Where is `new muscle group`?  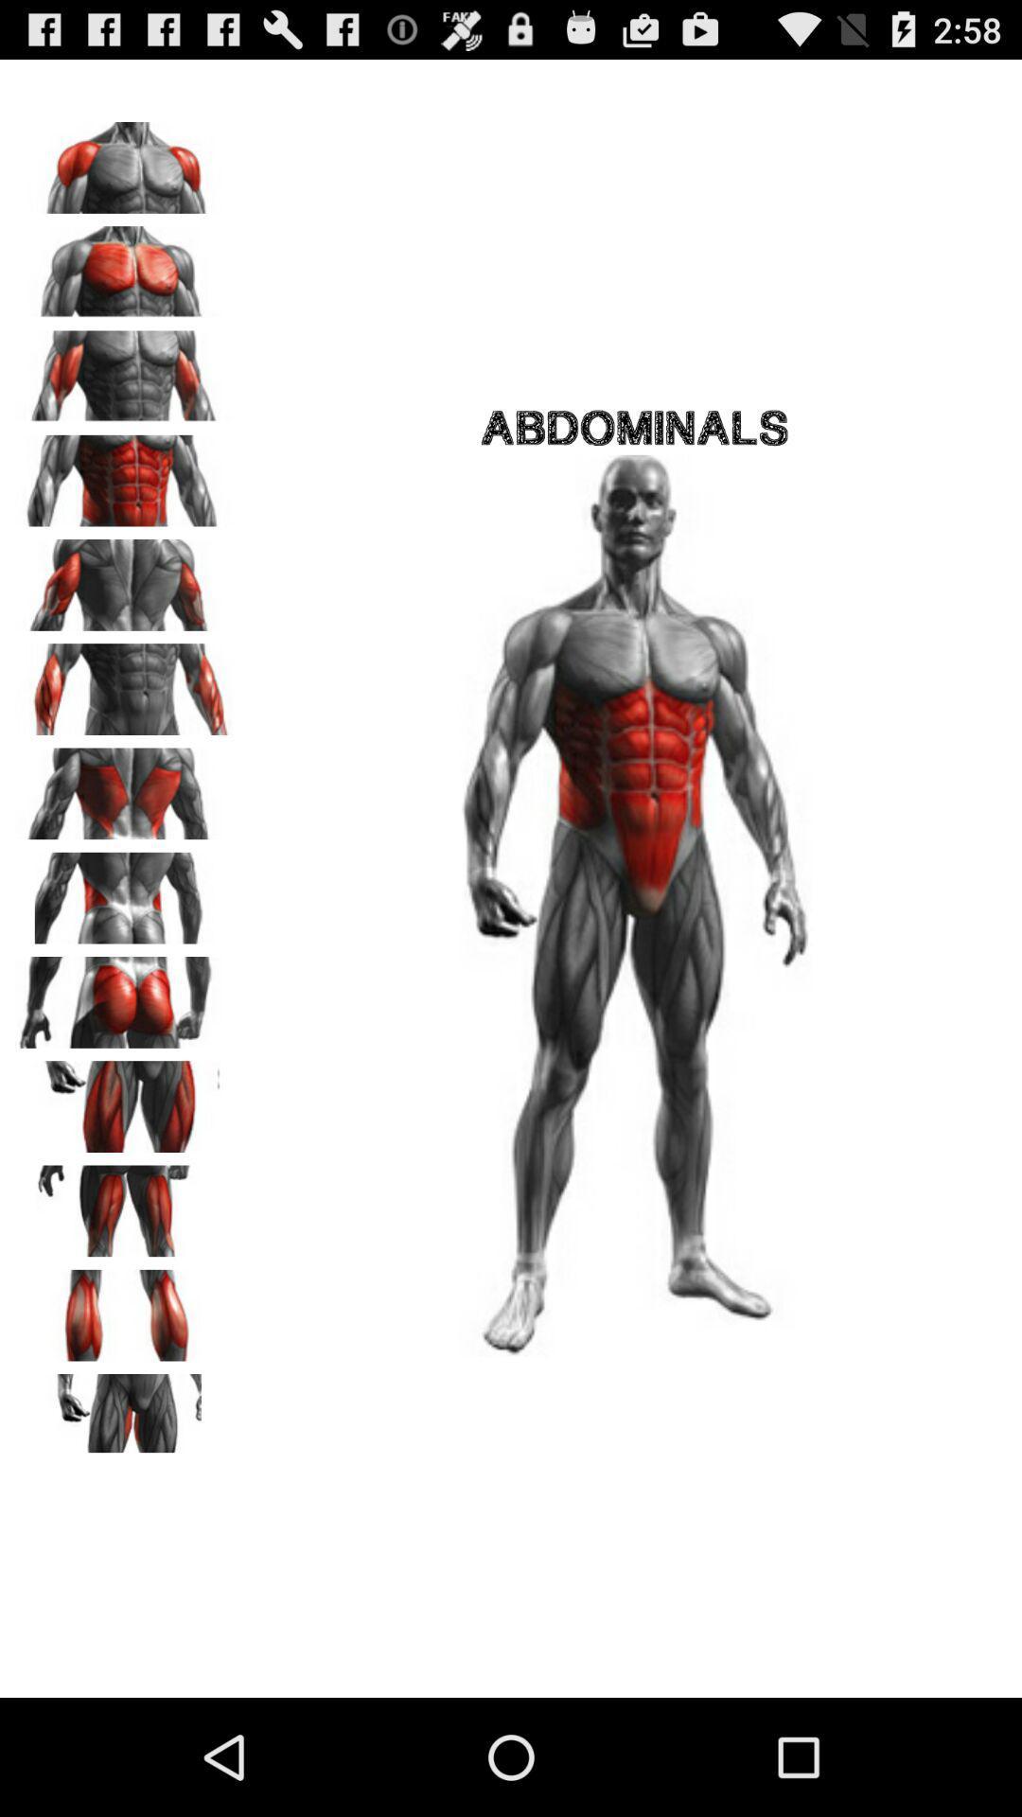
new muscle group is located at coordinates (124, 1204).